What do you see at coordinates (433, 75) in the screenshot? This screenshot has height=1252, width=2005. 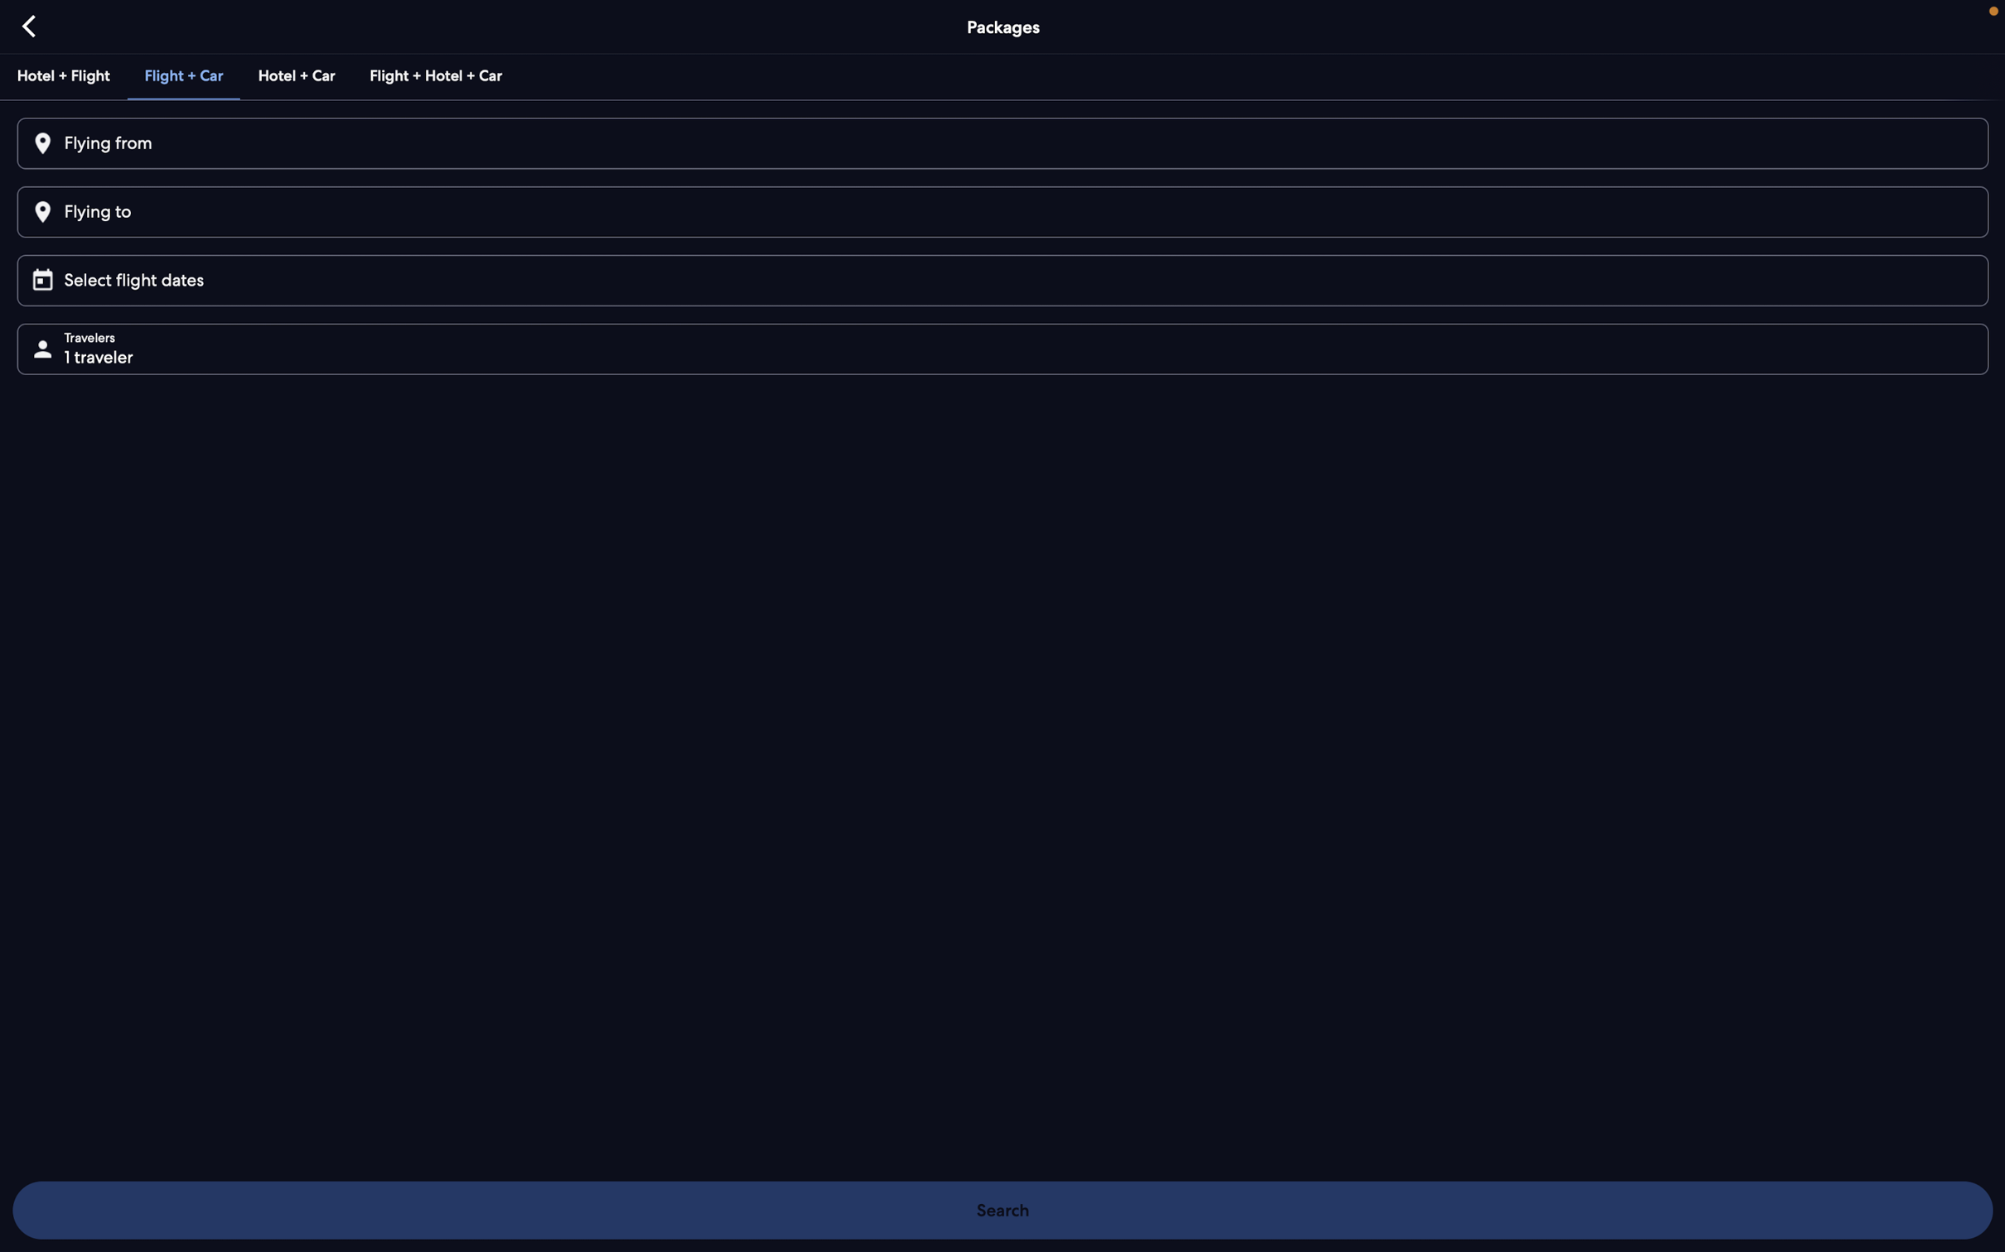 I see `Verify the comprehensive package for flight, hotel and car` at bounding box center [433, 75].